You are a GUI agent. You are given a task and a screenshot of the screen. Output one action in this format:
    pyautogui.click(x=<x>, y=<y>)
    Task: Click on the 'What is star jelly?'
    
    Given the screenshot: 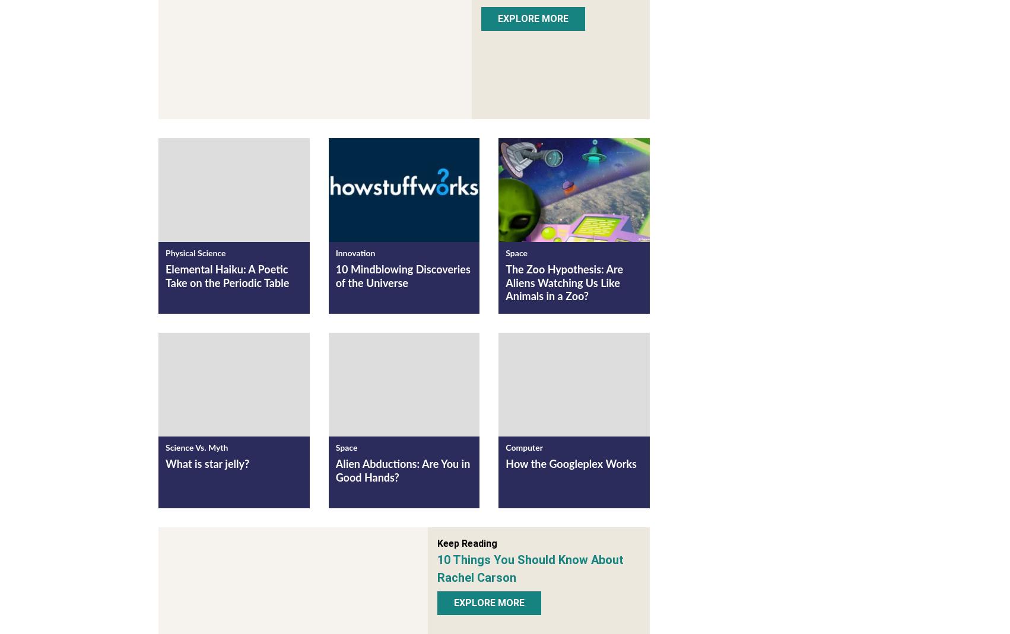 What is the action you would take?
    pyautogui.click(x=207, y=467)
    